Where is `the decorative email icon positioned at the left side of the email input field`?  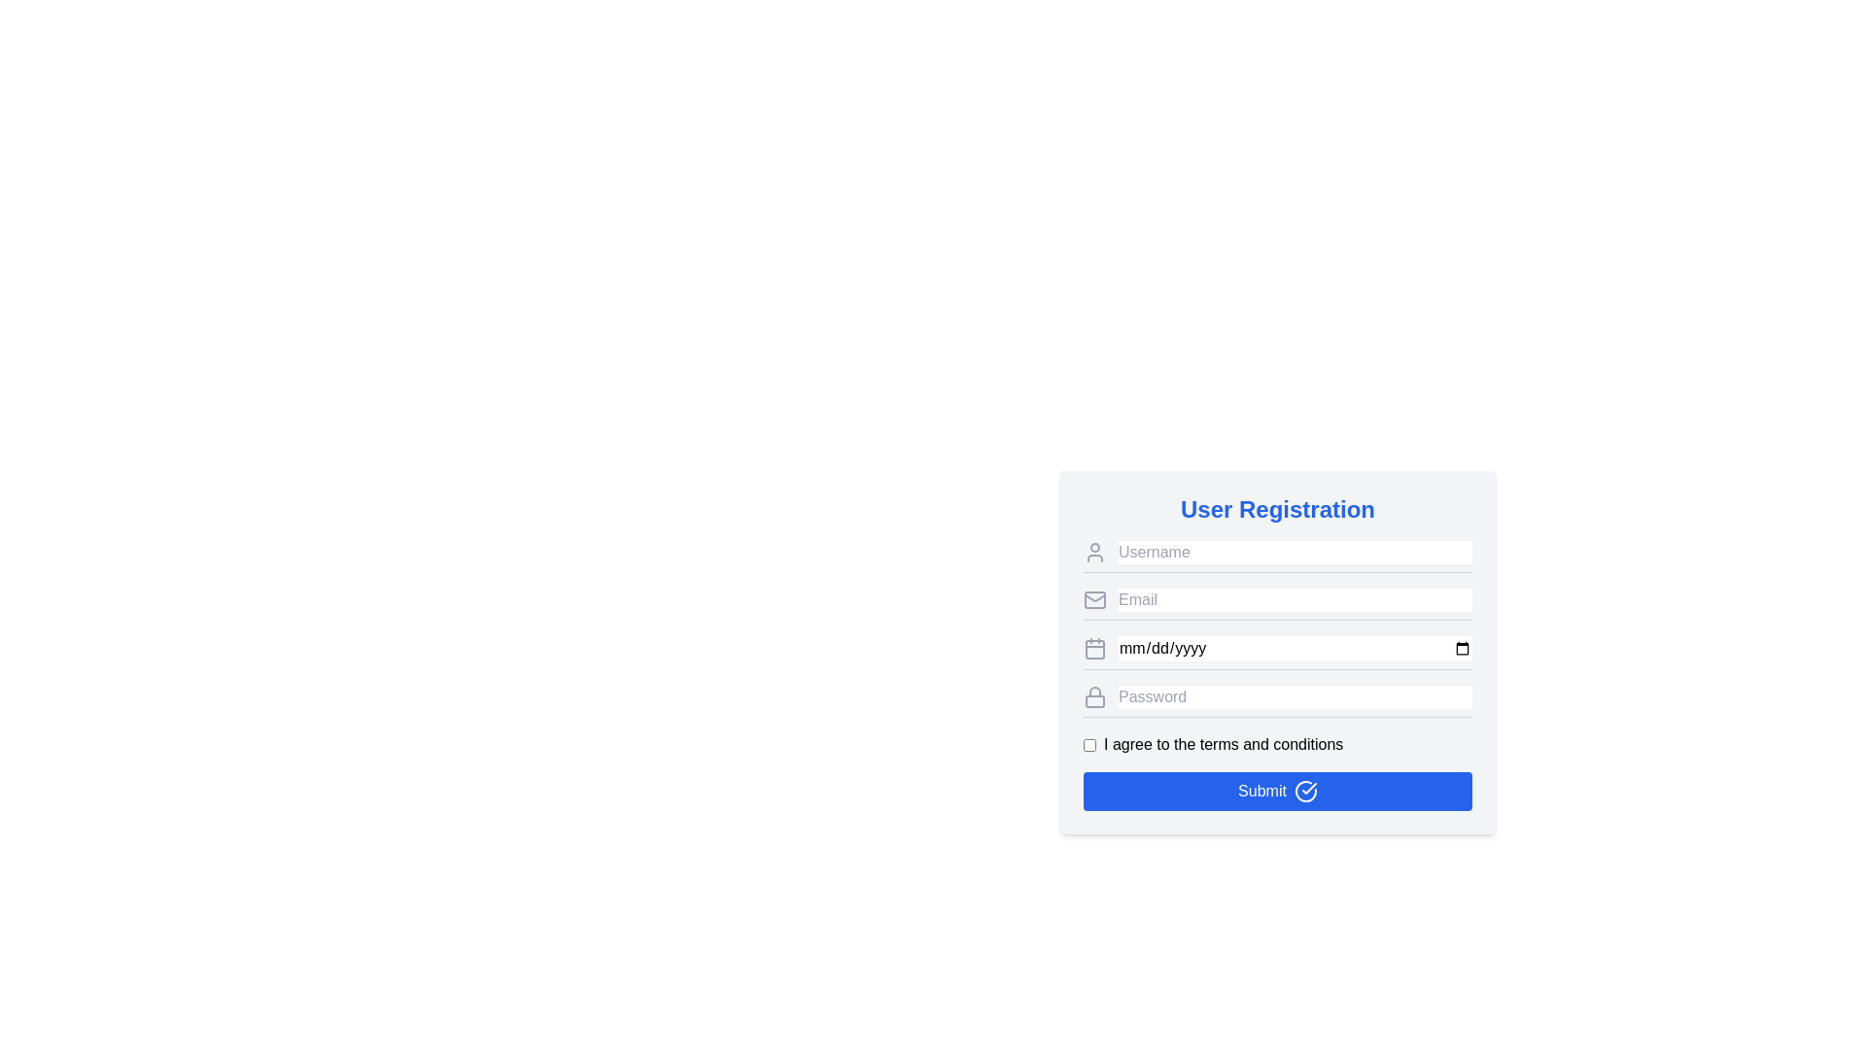
the decorative email icon positioned at the left side of the email input field is located at coordinates (1095, 598).